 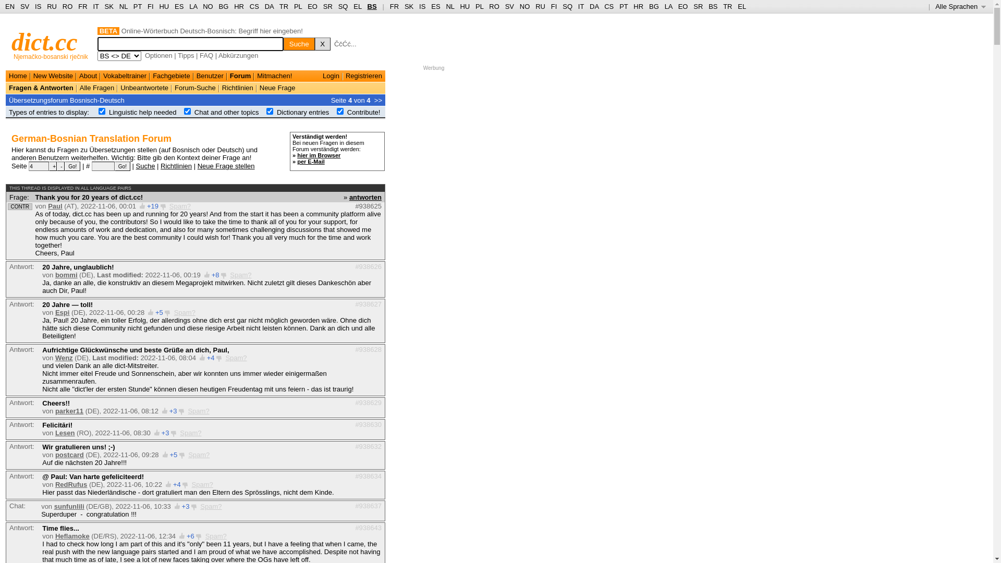 What do you see at coordinates (10, 6) in the screenshot?
I see `'EN'` at bounding box center [10, 6].